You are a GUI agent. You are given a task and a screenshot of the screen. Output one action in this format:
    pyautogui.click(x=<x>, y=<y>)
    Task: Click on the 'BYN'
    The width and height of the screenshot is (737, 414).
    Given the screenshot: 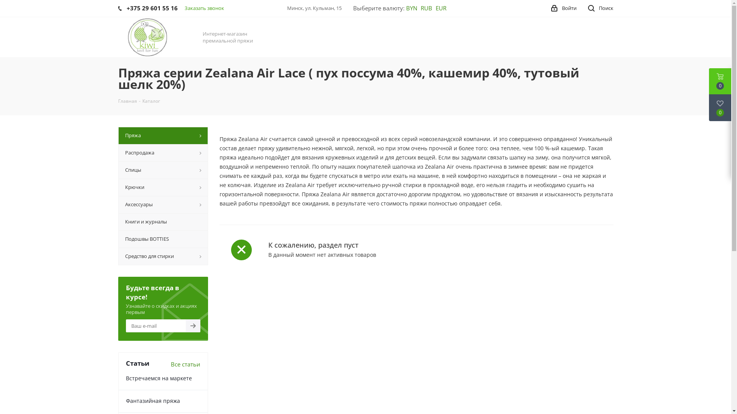 What is the action you would take?
    pyautogui.click(x=411, y=8)
    